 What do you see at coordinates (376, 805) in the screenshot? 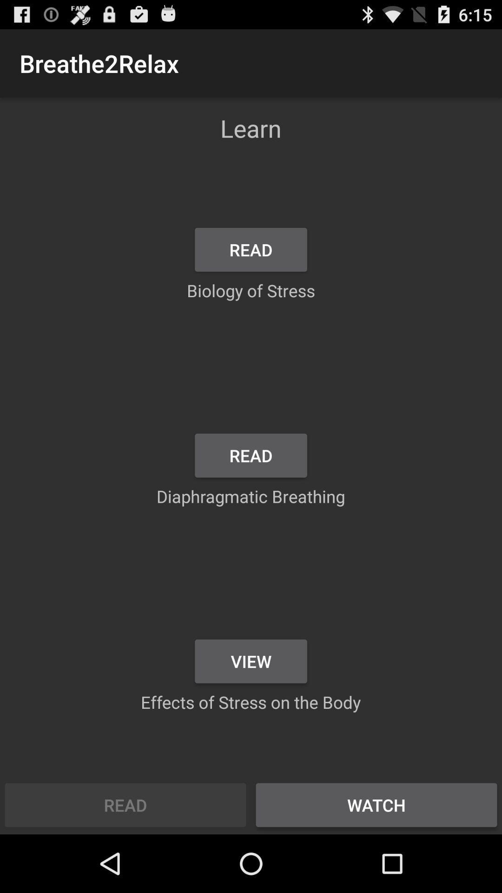
I see `the icon below effects of stress app` at bounding box center [376, 805].